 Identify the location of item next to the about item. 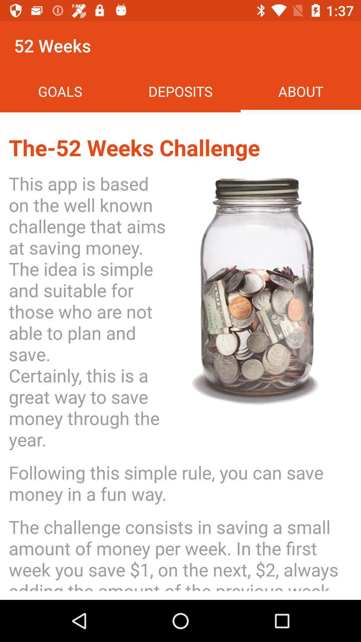
(180, 91).